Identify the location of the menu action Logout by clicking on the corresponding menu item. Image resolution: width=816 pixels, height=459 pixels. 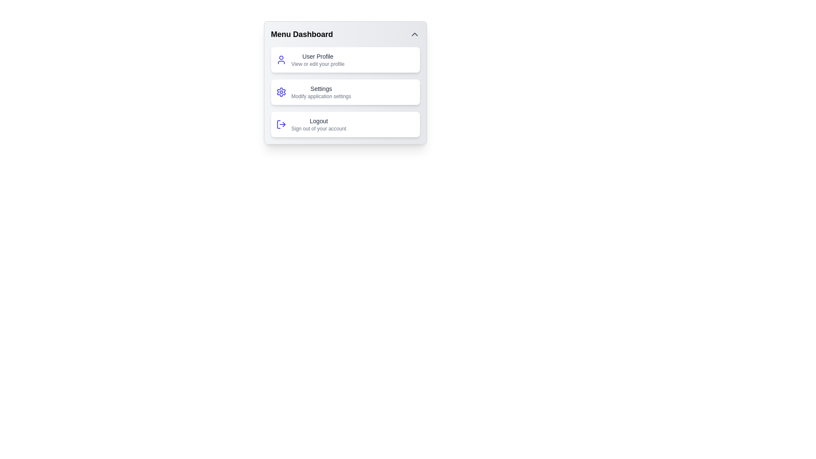
(345, 125).